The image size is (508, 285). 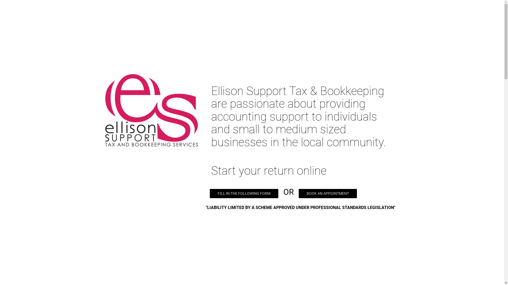 I want to click on 'BOOK AN APPOINTMENT', so click(x=327, y=193).